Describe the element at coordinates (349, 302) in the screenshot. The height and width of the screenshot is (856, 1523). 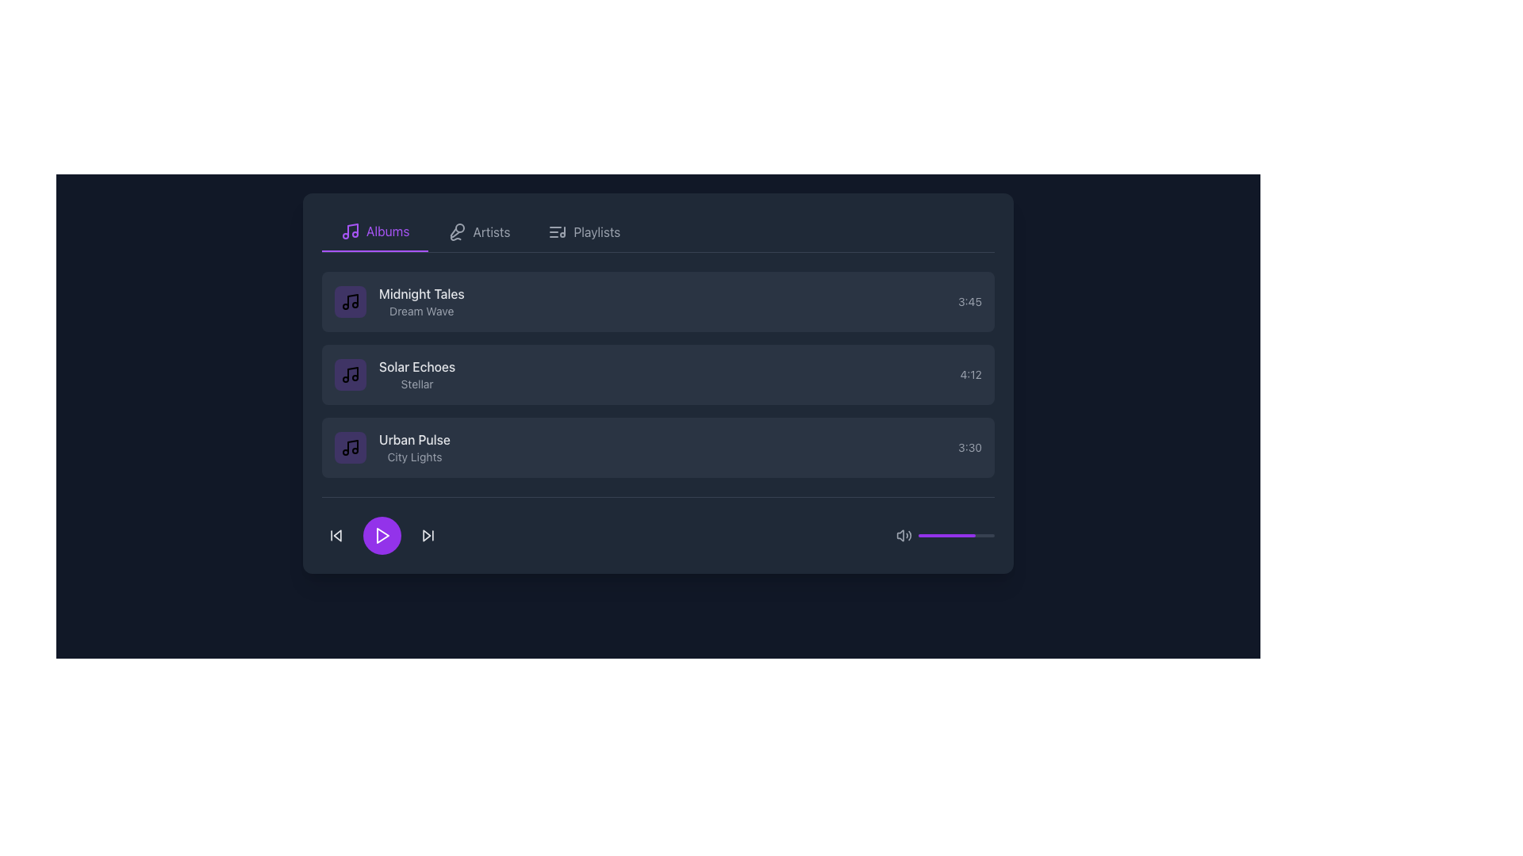
I see `the purple rounded square icon with a musical note graphic located in the top-left corner of the list item for 'Midnight Tales' and 'Dream Wave'` at that location.